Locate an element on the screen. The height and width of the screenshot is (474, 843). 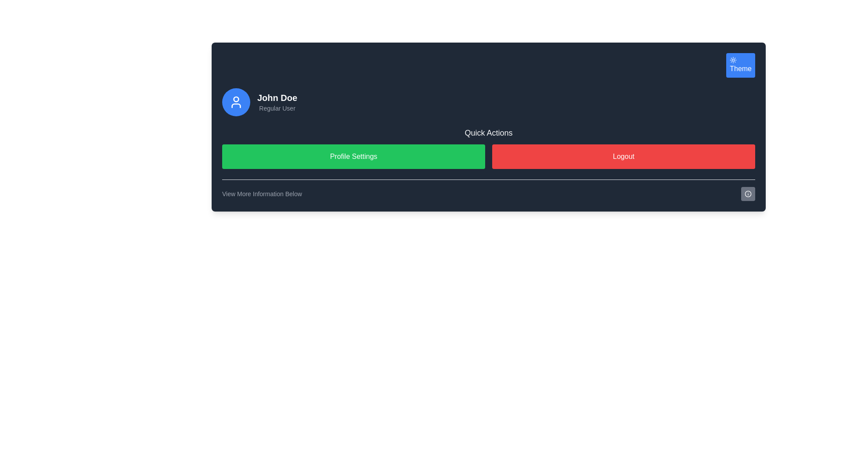
text from the header label located horizontally centered above the 'Profile Settings' and 'Logout' buttons is located at coordinates (488, 133).